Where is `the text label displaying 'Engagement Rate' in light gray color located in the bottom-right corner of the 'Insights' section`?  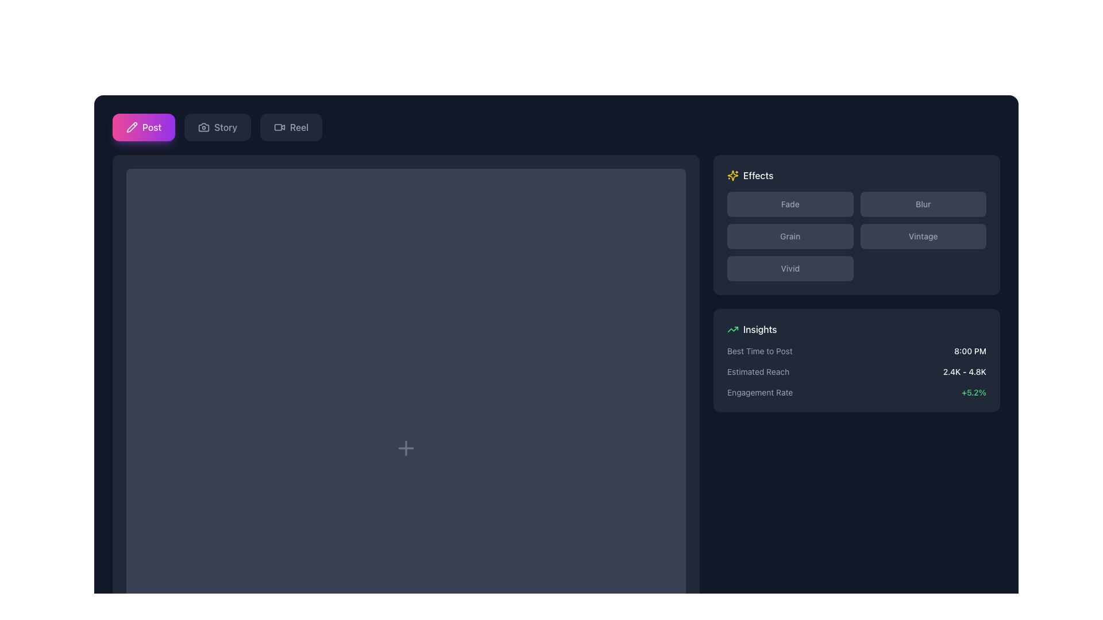
the text label displaying 'Engagement Rate' in light gray color located in the bottom-right corner of the 'Insights' section is located at coordinates (760, 392).